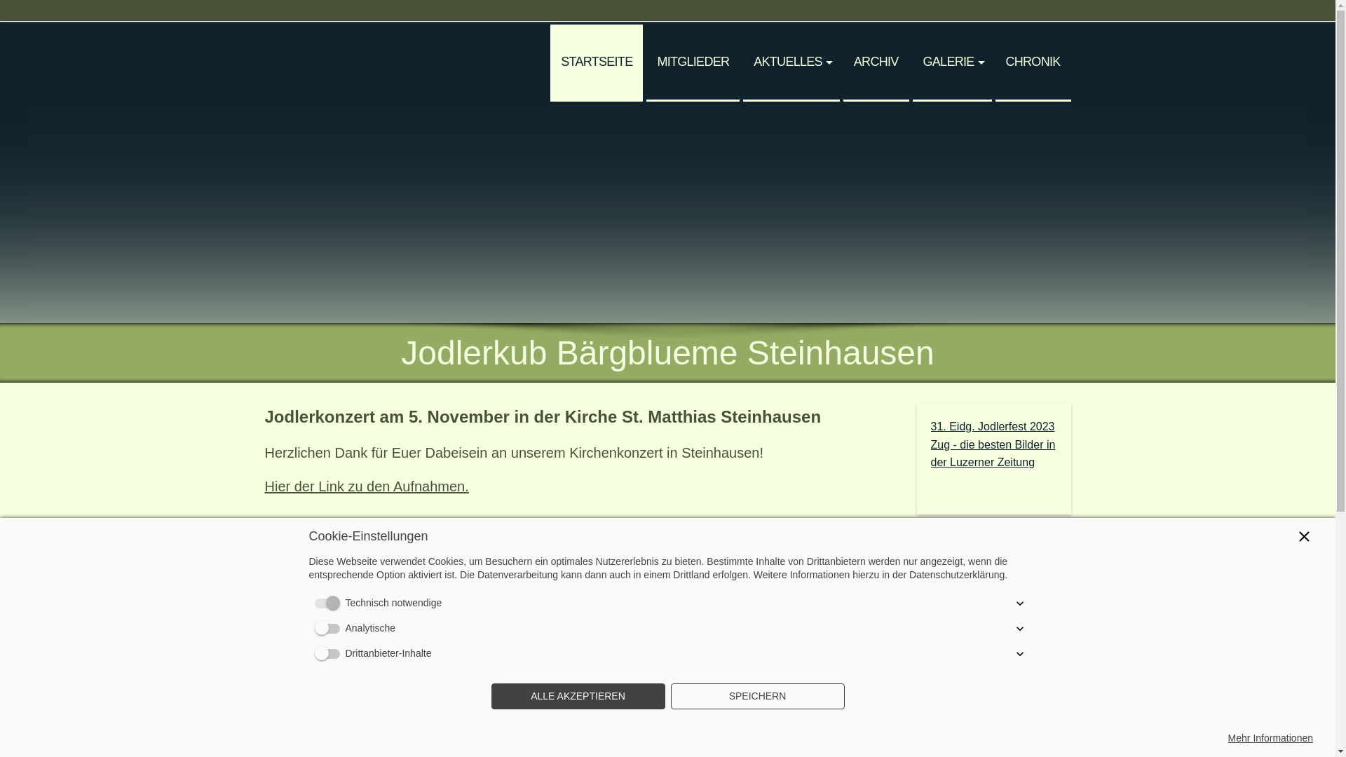  What do you see at coordinates (791, 62) in the screenshot?
I see `'AKTUELLES'` at bounding box center [791, 62].